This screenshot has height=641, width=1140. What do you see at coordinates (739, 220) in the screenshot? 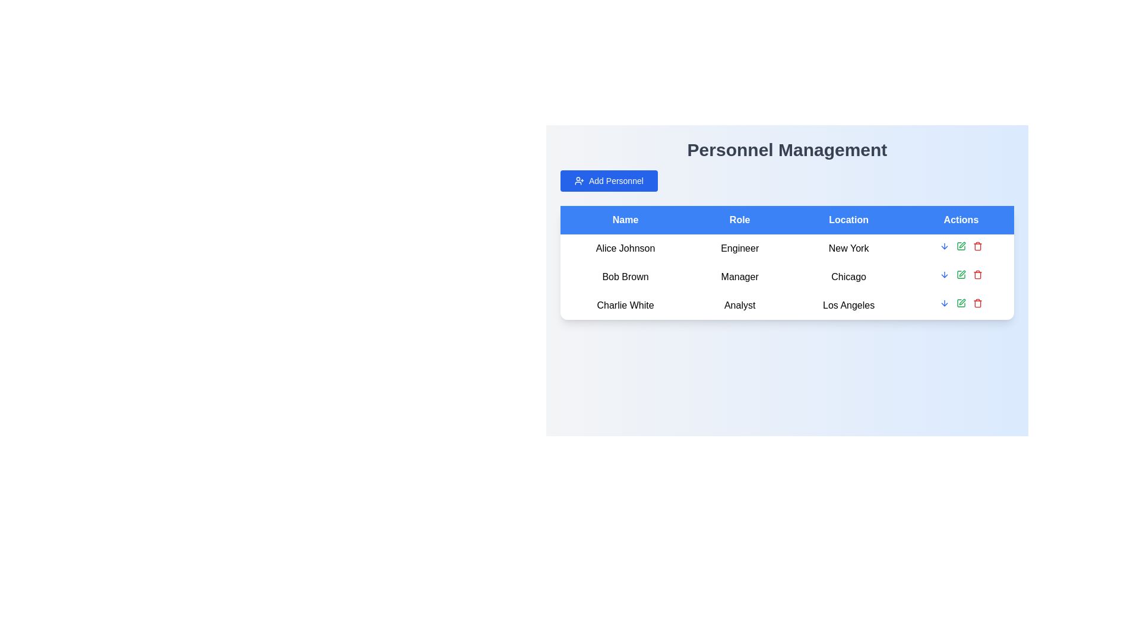
I see `the 'Role' column header in the data table, which is the second label in the horizontal header row` at bounding box center [739, 220].